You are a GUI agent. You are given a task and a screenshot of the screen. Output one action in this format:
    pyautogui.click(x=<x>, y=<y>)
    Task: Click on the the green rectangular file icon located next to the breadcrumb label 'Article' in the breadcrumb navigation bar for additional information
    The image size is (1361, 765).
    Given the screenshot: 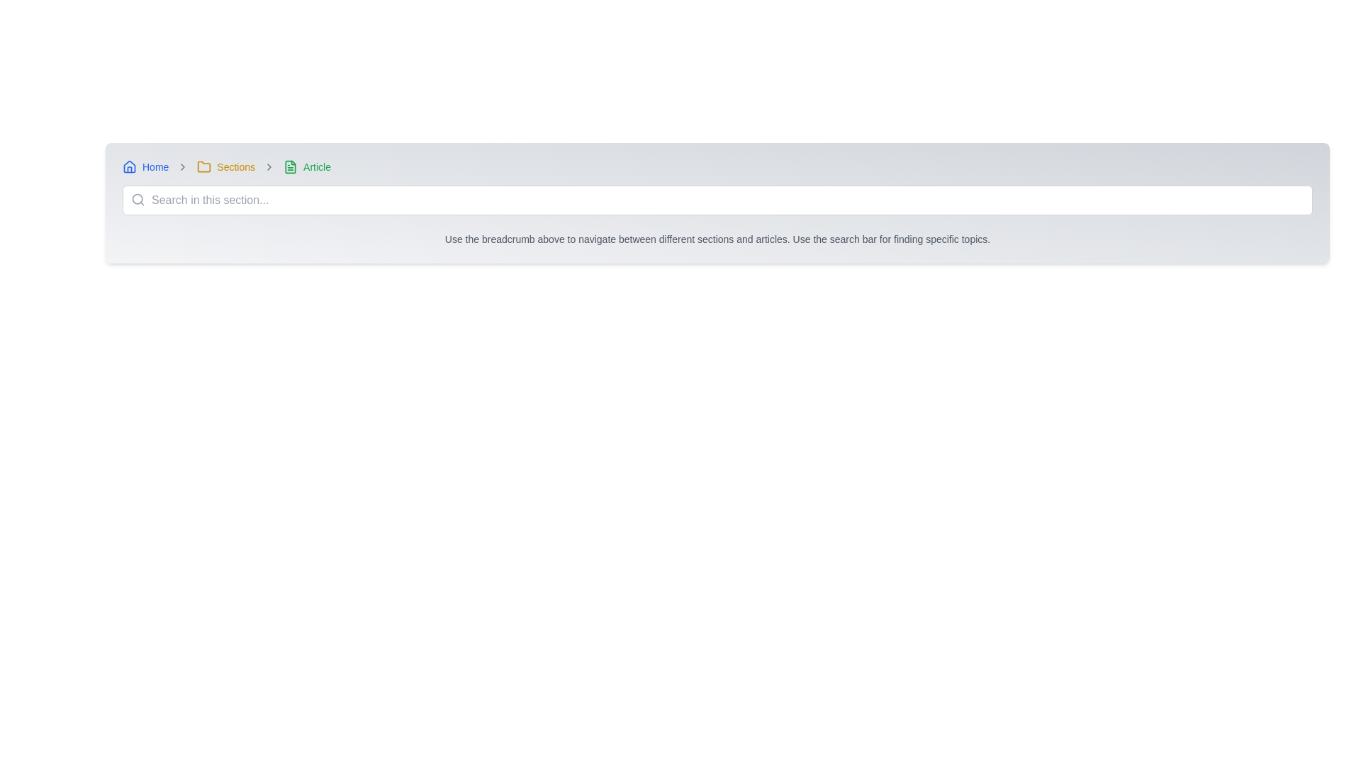 What is the action you would take?
    pyautogui.click(x=290, y=166)
    